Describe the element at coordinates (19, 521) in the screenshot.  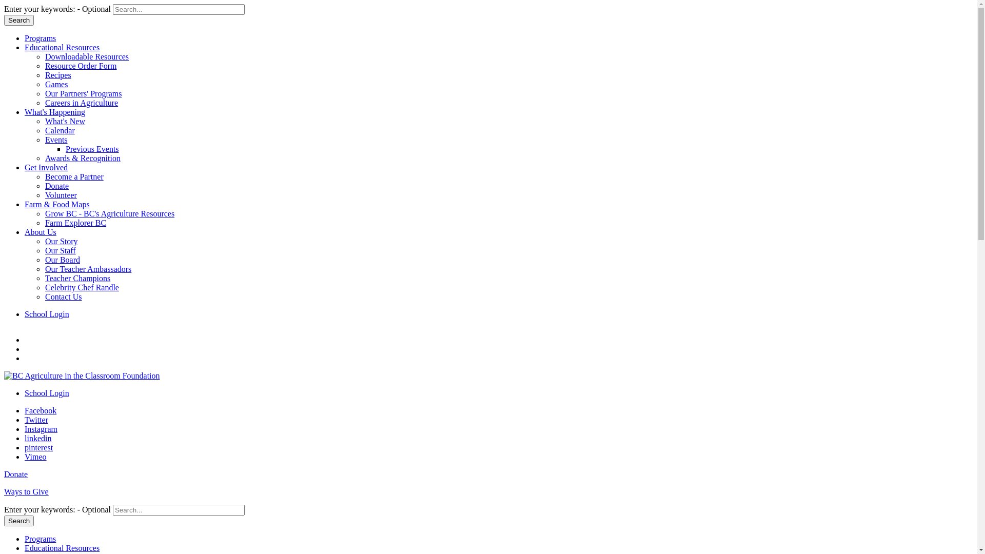
I see `'Search'` at that location.